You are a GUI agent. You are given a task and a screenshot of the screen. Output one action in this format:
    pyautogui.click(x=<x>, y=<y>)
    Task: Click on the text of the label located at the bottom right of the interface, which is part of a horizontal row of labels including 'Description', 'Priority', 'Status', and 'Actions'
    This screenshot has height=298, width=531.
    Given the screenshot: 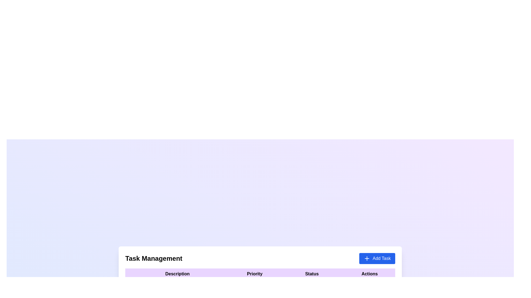 What is the action you would take?
    pyautogui.click(x=369, y=274)
    